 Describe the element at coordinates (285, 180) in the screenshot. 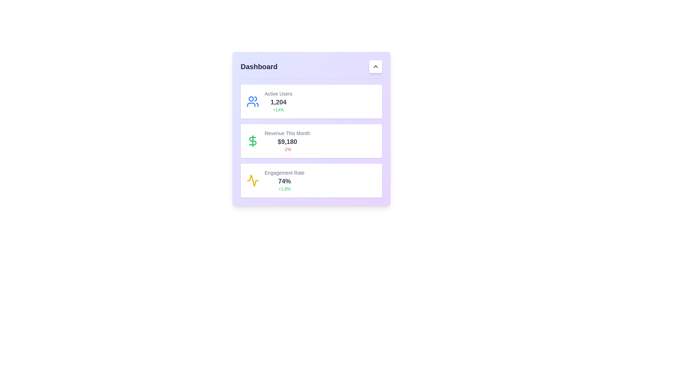

I see `the third Metric Display element that shows engagement percentage on the light purple dashboard panel` at that location.